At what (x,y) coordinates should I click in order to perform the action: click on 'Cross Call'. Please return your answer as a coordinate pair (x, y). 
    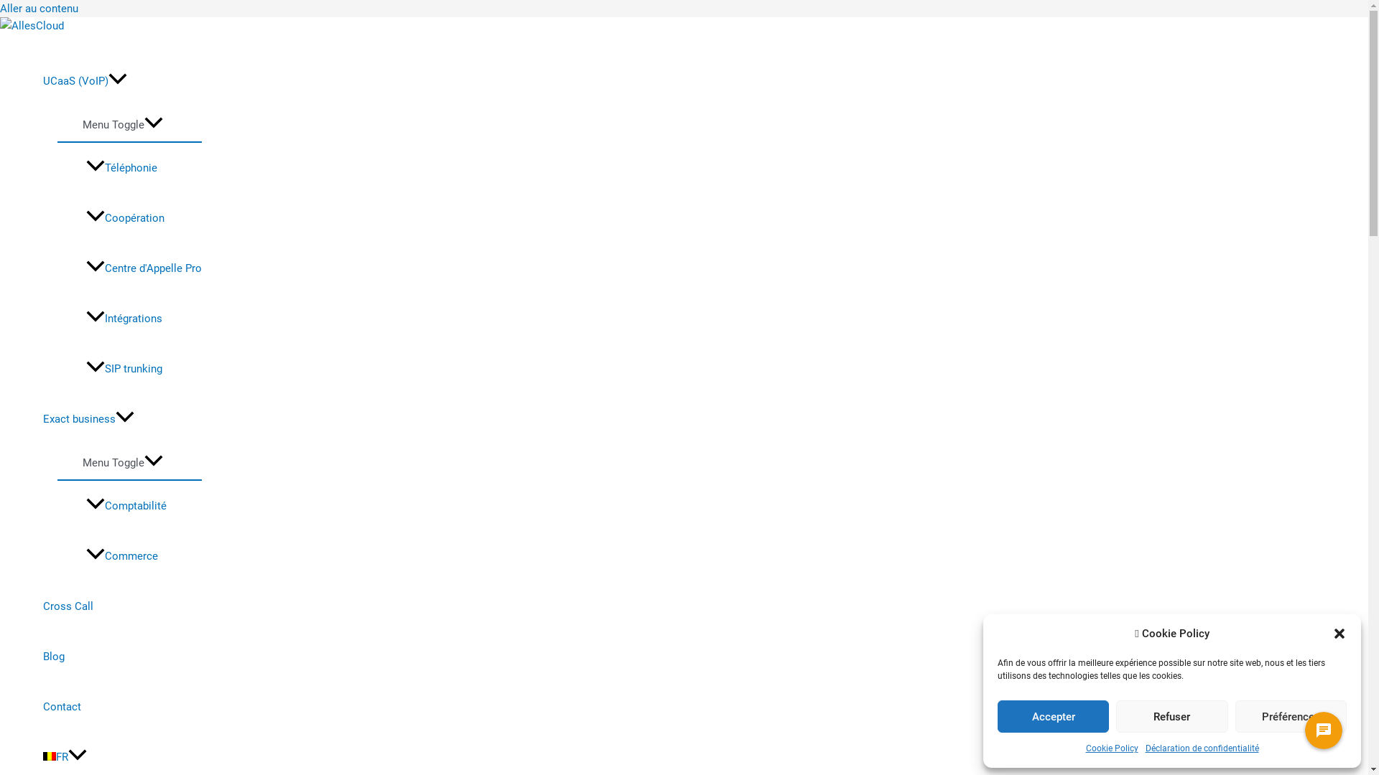
    Looking at the image, I should click on (122, 606).